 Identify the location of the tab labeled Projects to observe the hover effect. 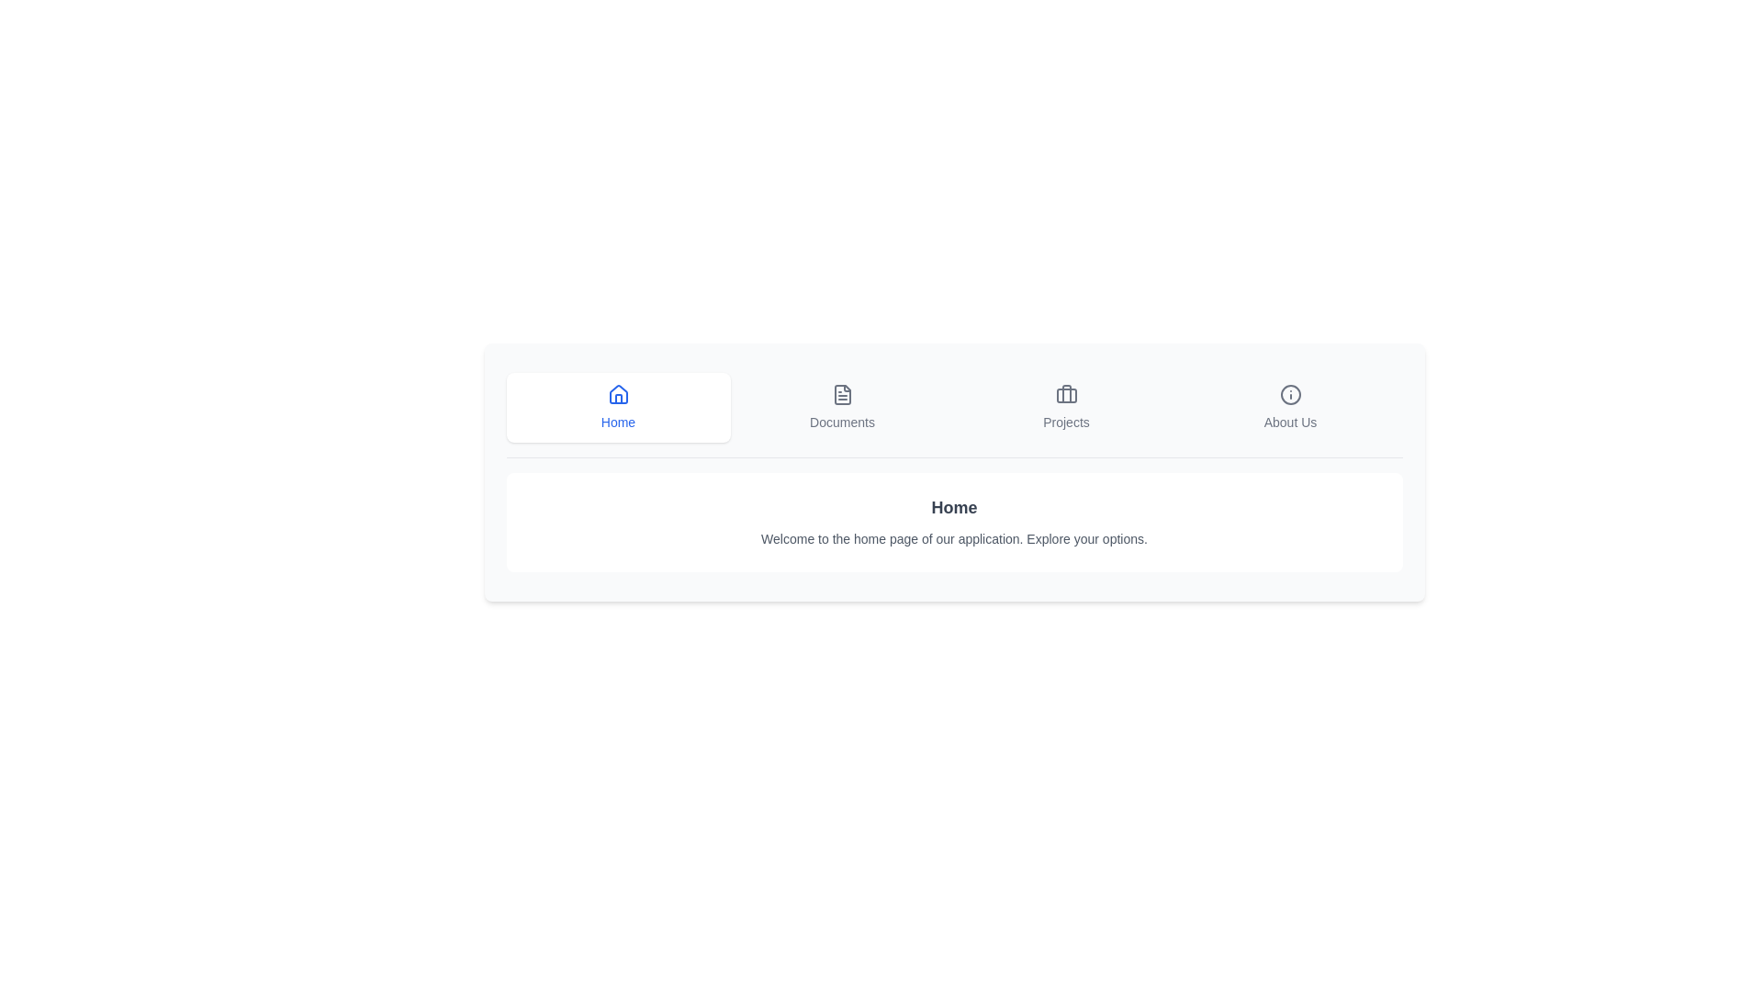
(1066, 406).